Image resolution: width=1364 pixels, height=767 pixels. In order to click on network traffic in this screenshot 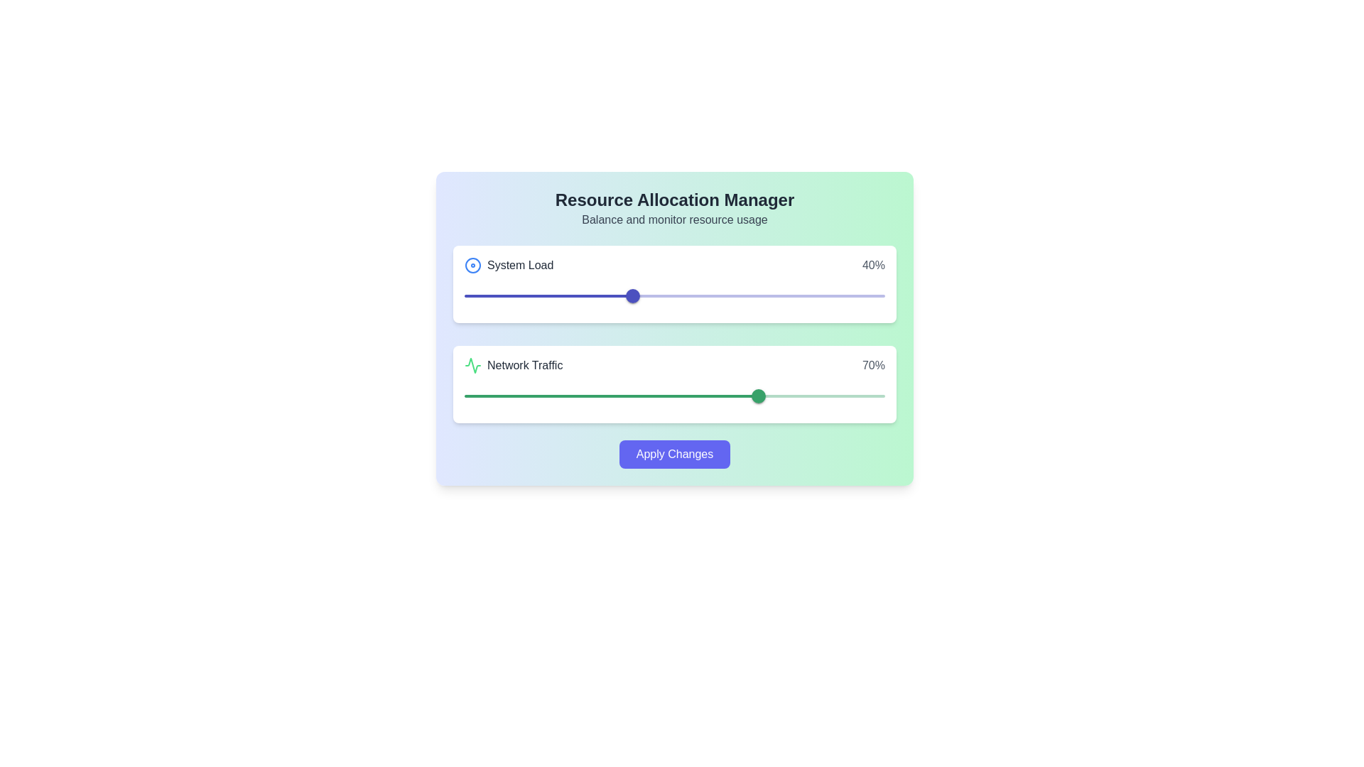, I will do `click(468, 396)`.